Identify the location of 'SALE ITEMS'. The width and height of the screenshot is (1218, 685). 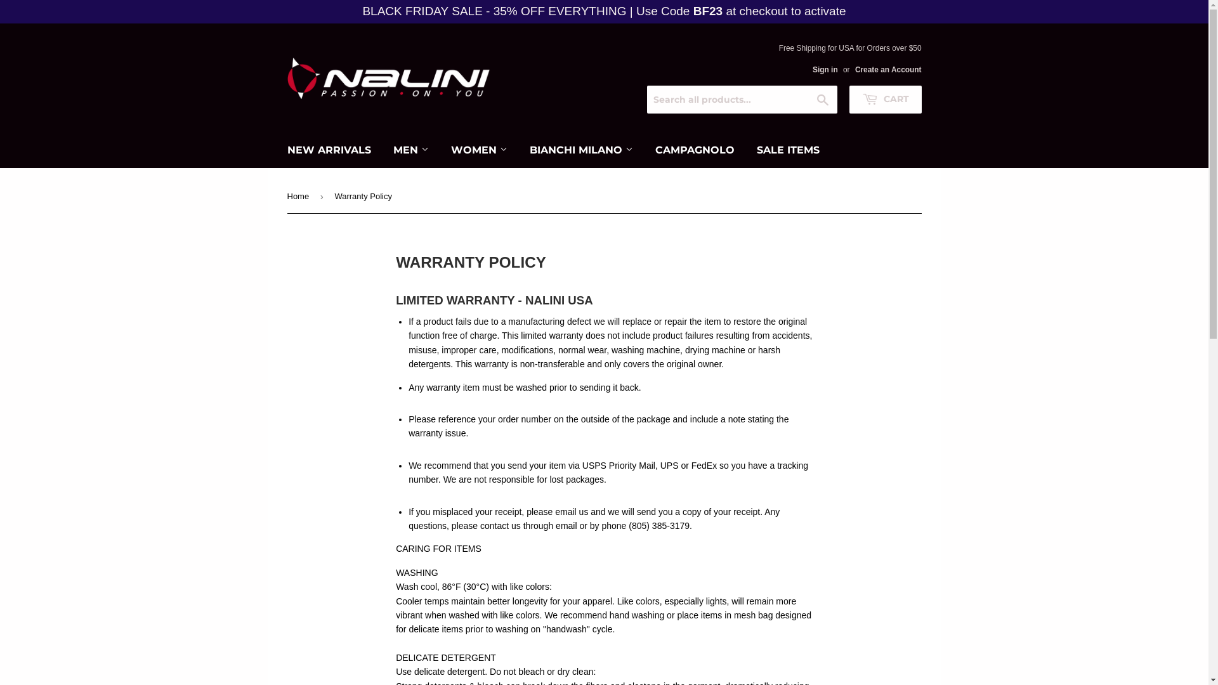
(747, 149).